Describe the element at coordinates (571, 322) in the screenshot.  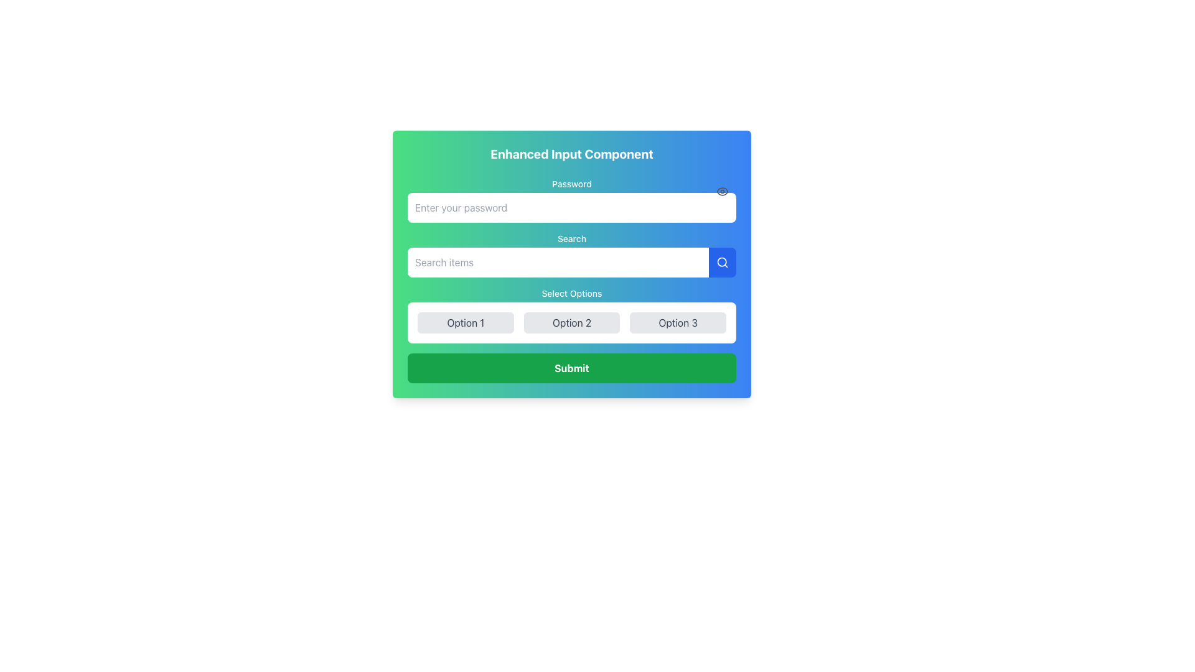
I see `the second button labeled 'Option 2'` at that location.